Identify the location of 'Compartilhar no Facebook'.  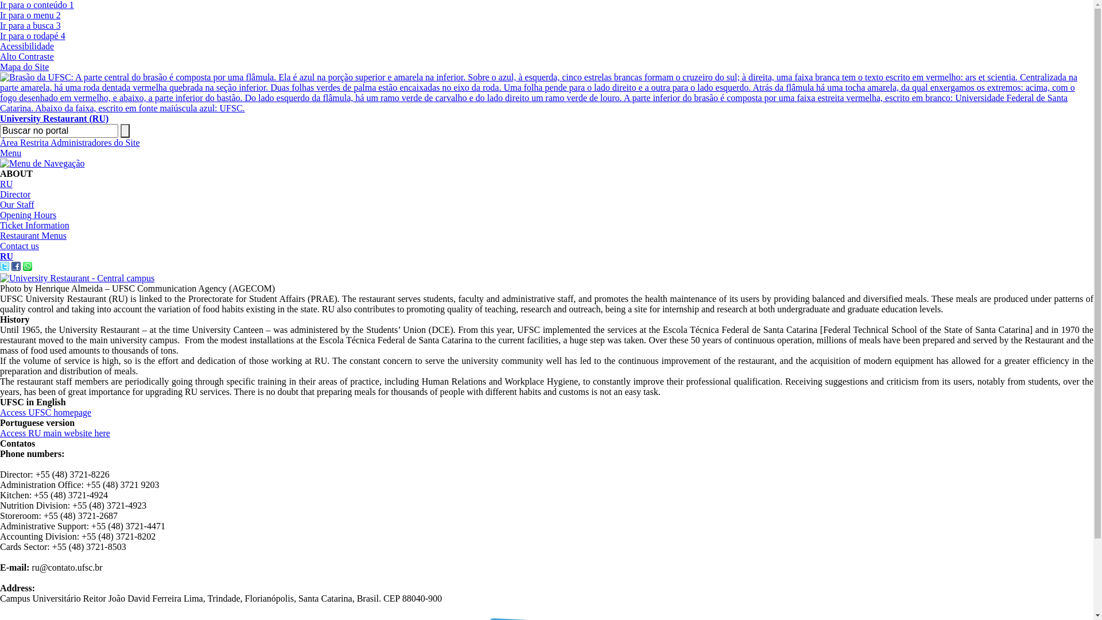
(16, 268).